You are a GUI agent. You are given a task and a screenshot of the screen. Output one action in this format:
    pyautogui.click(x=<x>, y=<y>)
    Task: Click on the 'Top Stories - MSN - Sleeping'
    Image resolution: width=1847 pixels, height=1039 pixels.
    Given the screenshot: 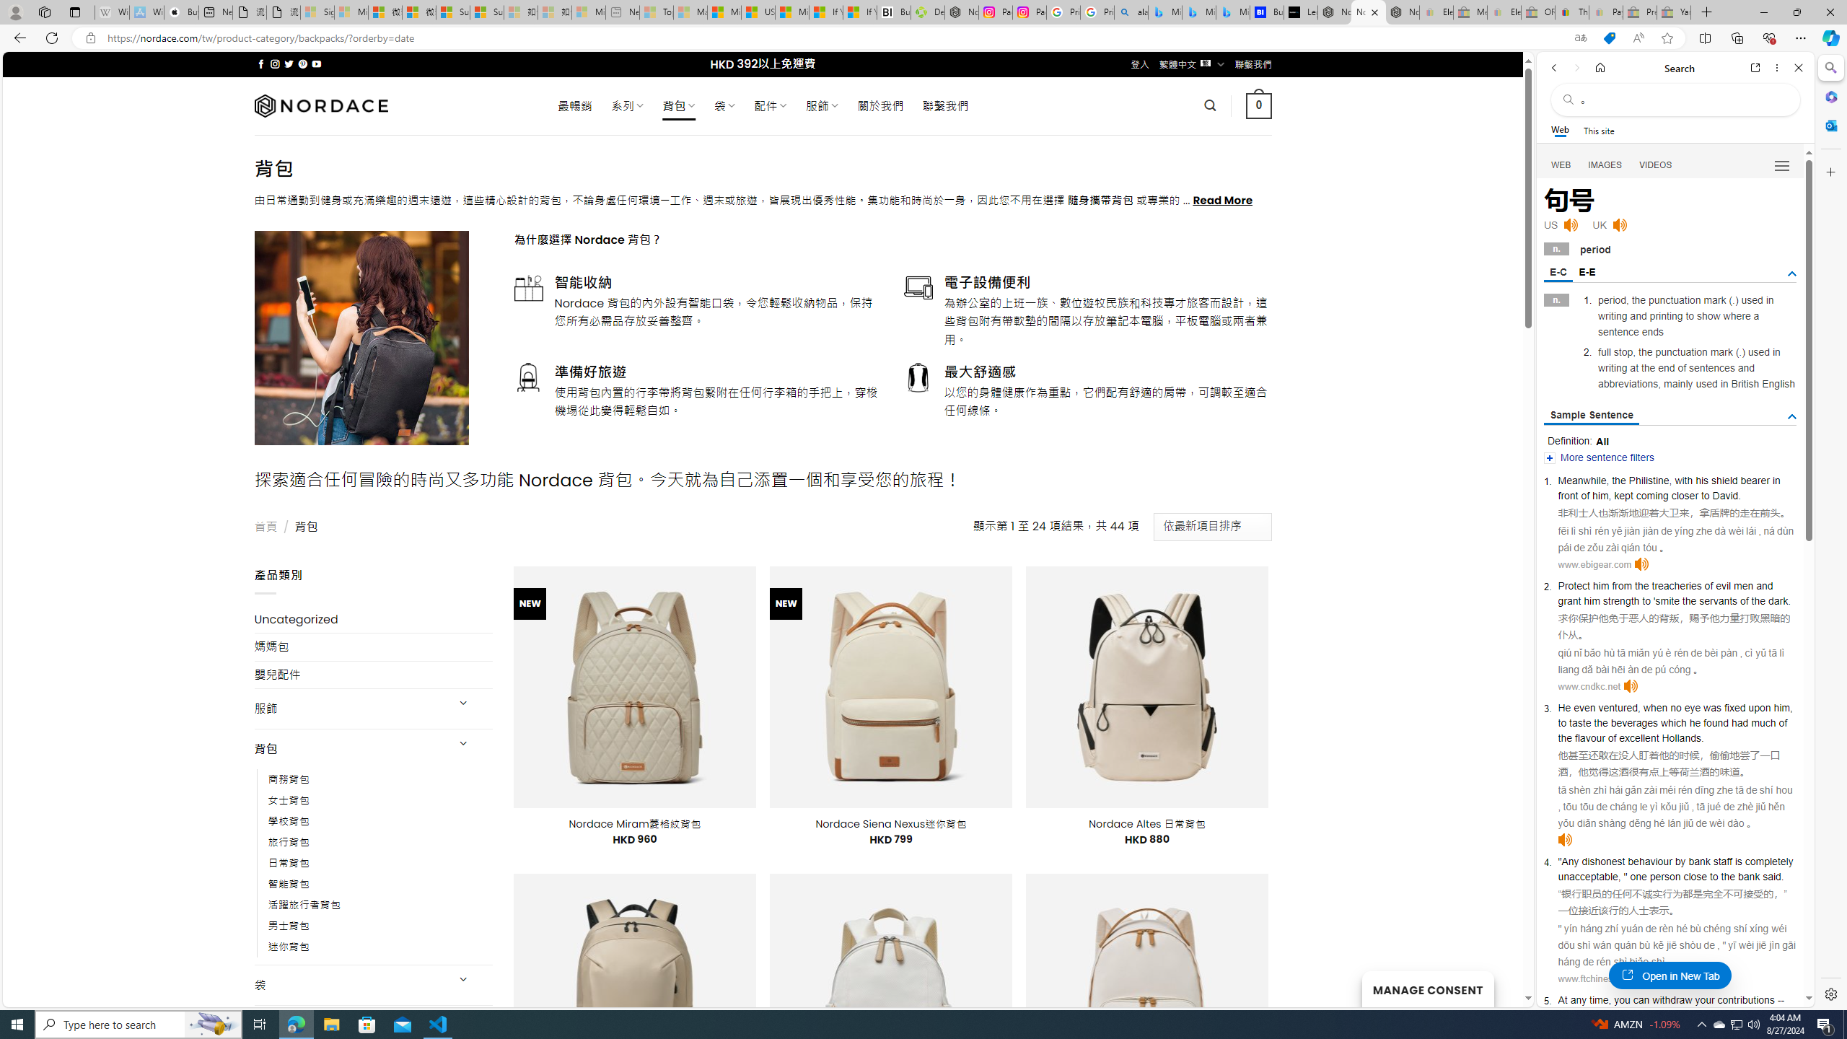 What is the action you would take?
    pyautogui.click(x=656, y=12)
    